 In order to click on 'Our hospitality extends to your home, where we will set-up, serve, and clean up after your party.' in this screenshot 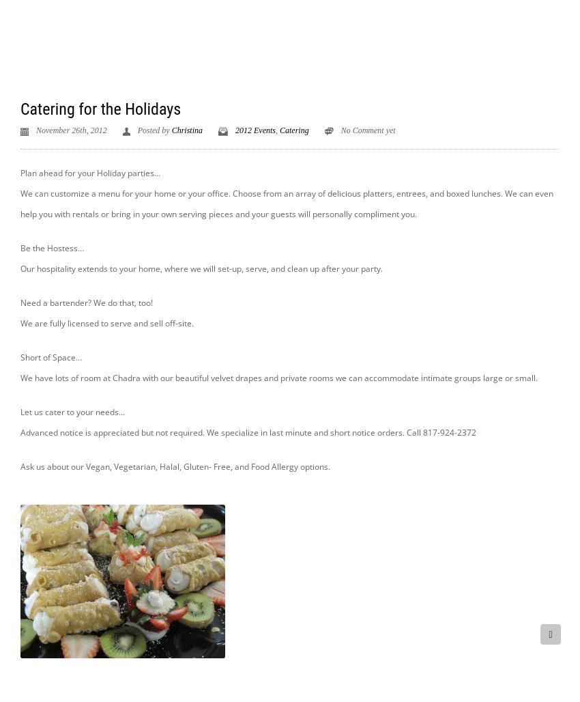, I will do `click(201, 268)`.